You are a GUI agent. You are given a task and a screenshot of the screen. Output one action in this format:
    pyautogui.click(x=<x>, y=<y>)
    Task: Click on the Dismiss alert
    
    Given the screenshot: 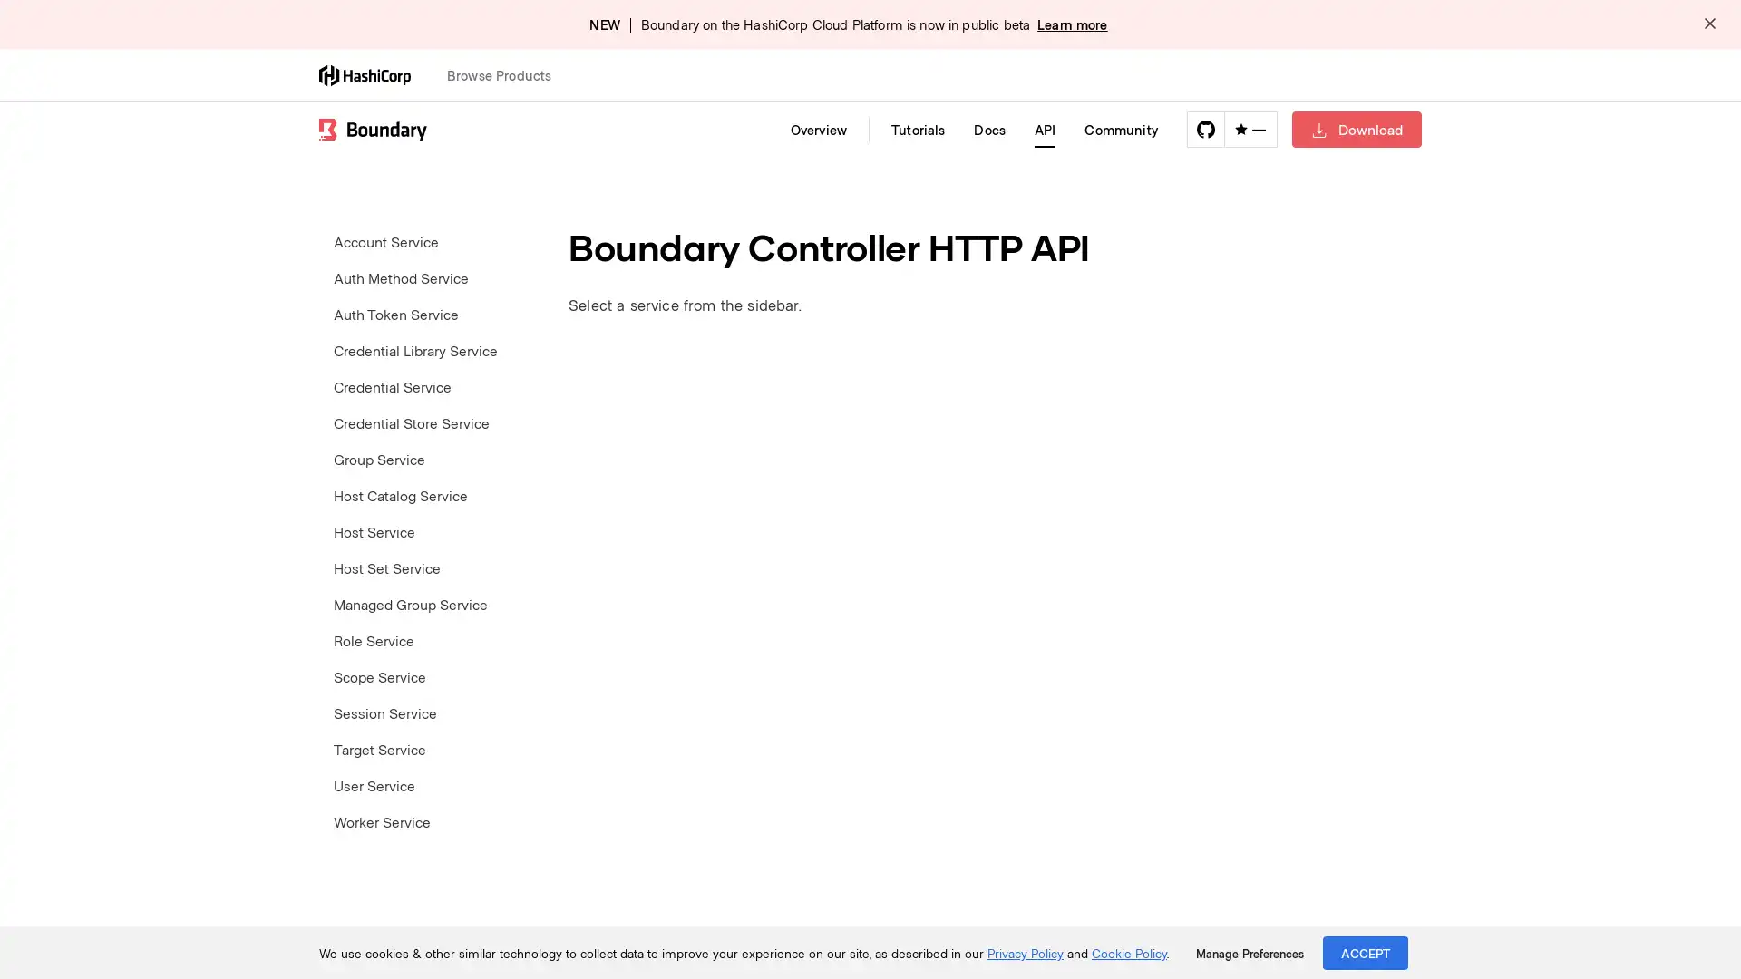 What is the action you would take?
    pyautogui.click(x=1709, y=24)
    